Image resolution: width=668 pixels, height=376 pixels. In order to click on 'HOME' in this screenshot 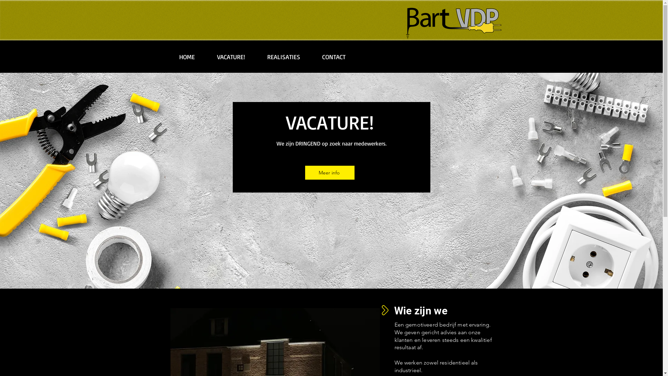, I will do `click(167, 56)`.